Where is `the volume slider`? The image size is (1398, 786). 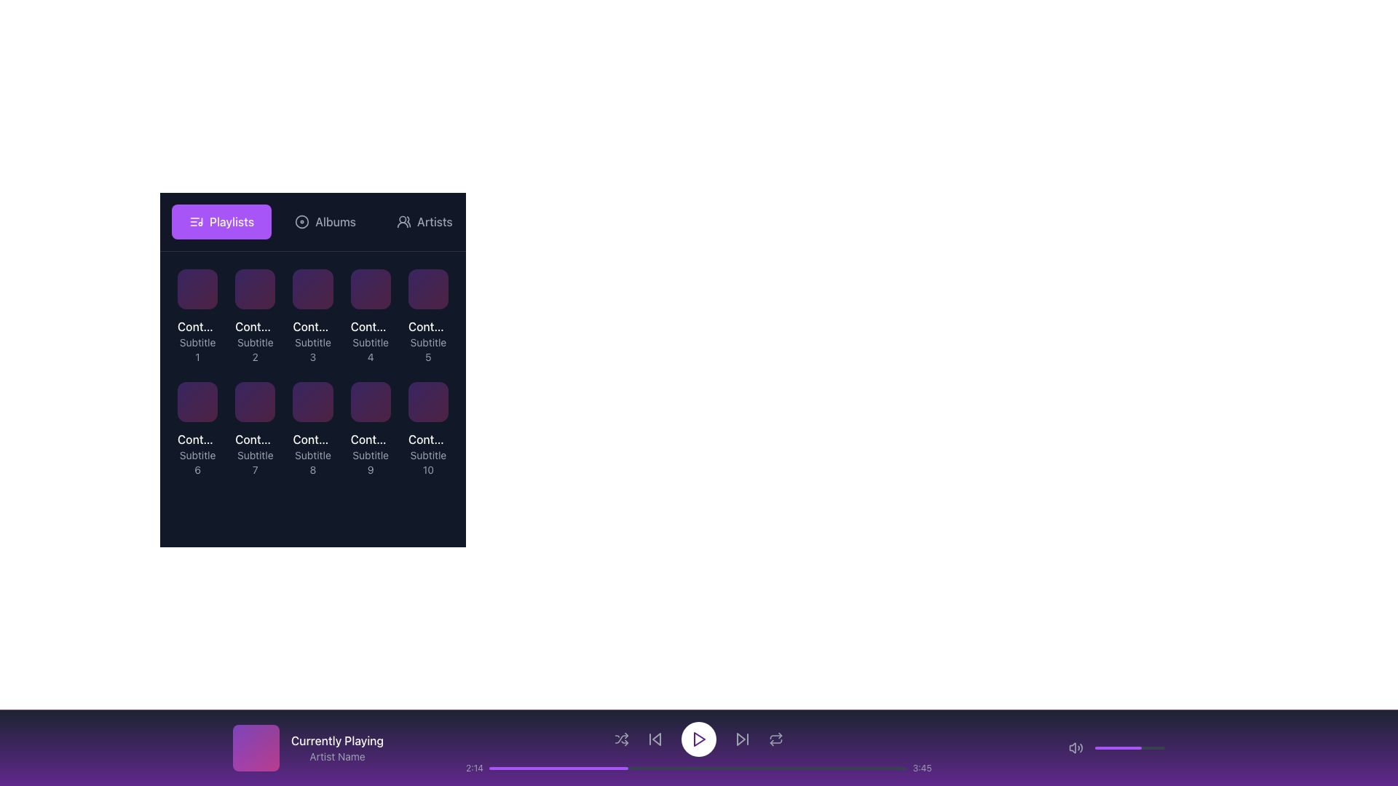 the volume slider is located at coordinates (1108, 748).